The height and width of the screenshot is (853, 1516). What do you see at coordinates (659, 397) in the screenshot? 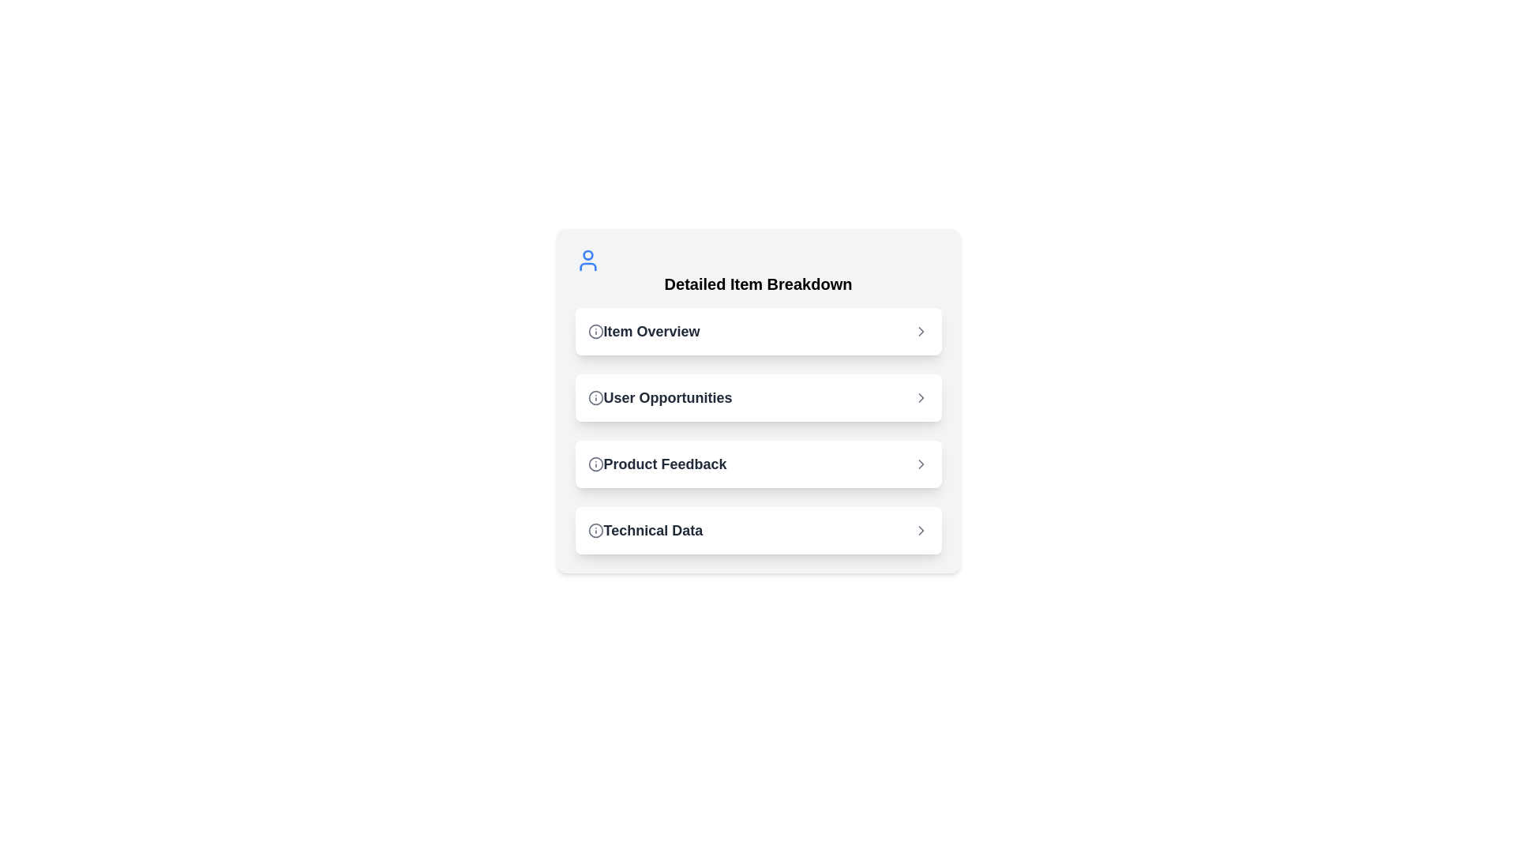
I see `the 'User Opportunities' text in the vertical menu located beneath the heading 'Detailed Item Breakdown'` at bounding box center [659, 397].